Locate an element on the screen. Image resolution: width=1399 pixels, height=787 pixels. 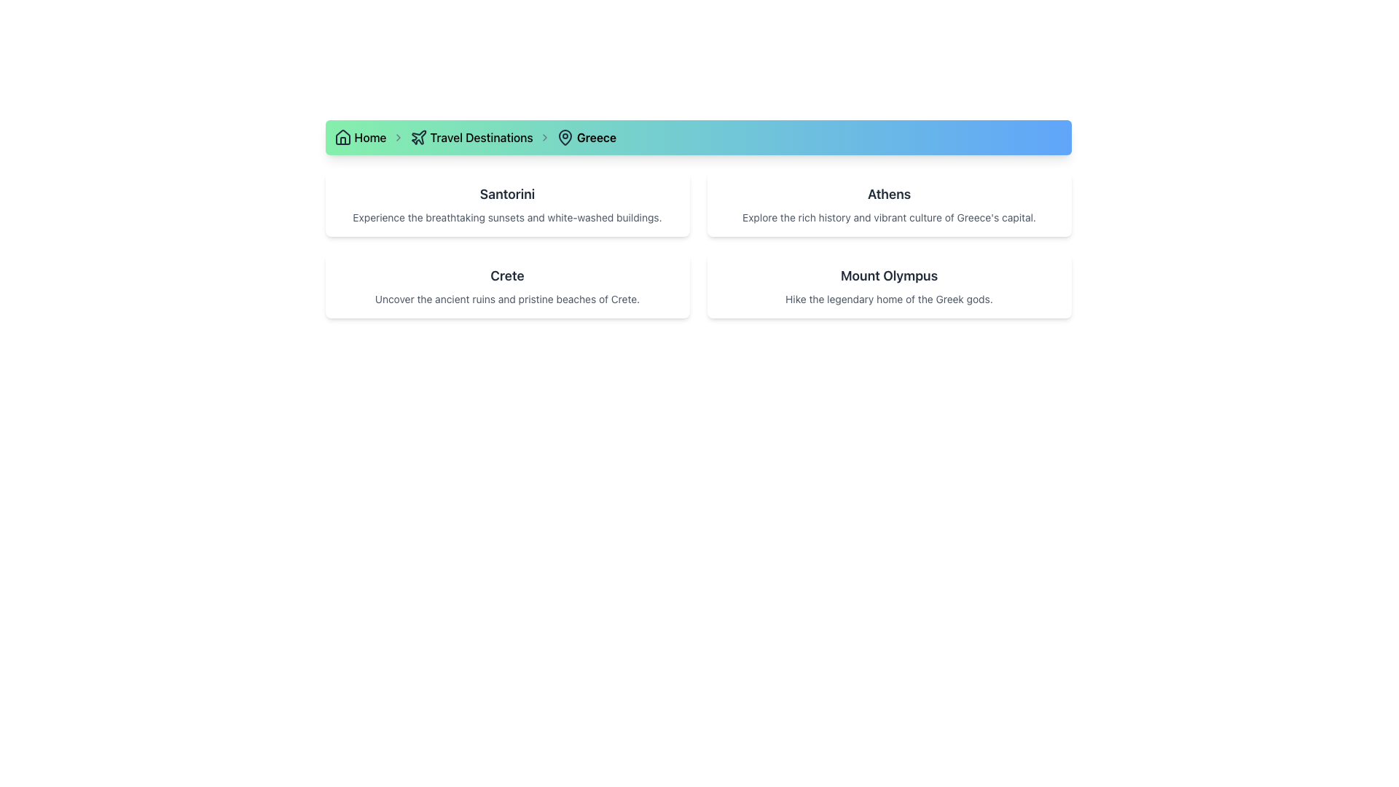
the text element displaying 'Santorini', which is styled in a bold, larger font size and dark gray color, located on the left side of a set of cards is located at coordinates (507, 193).